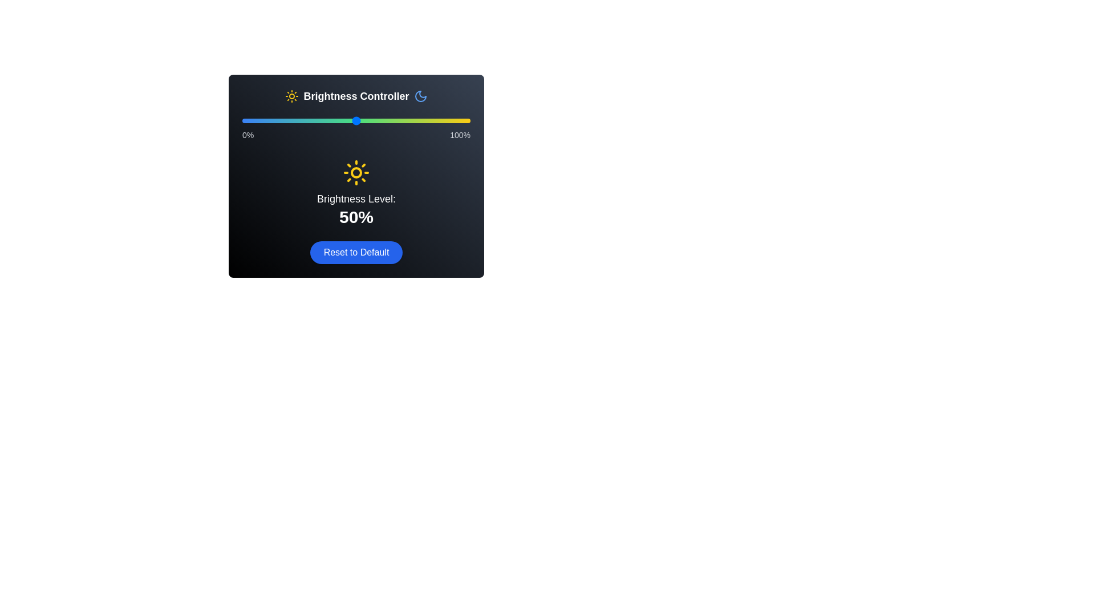 The width and height of the screenshot is (1095, 616). Describe the element at coordinates (358, 121) in the screenshot. I see `the brightness slider to 51%` at that location.